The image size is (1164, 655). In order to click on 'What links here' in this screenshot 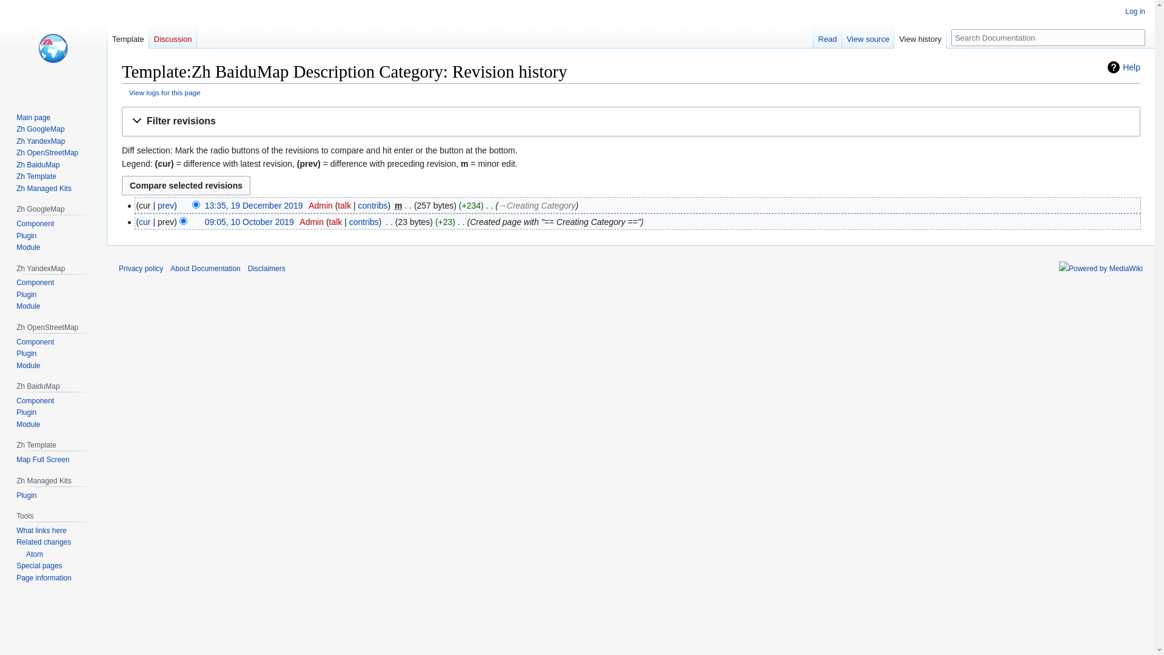, I will do `click(41, 530)`.